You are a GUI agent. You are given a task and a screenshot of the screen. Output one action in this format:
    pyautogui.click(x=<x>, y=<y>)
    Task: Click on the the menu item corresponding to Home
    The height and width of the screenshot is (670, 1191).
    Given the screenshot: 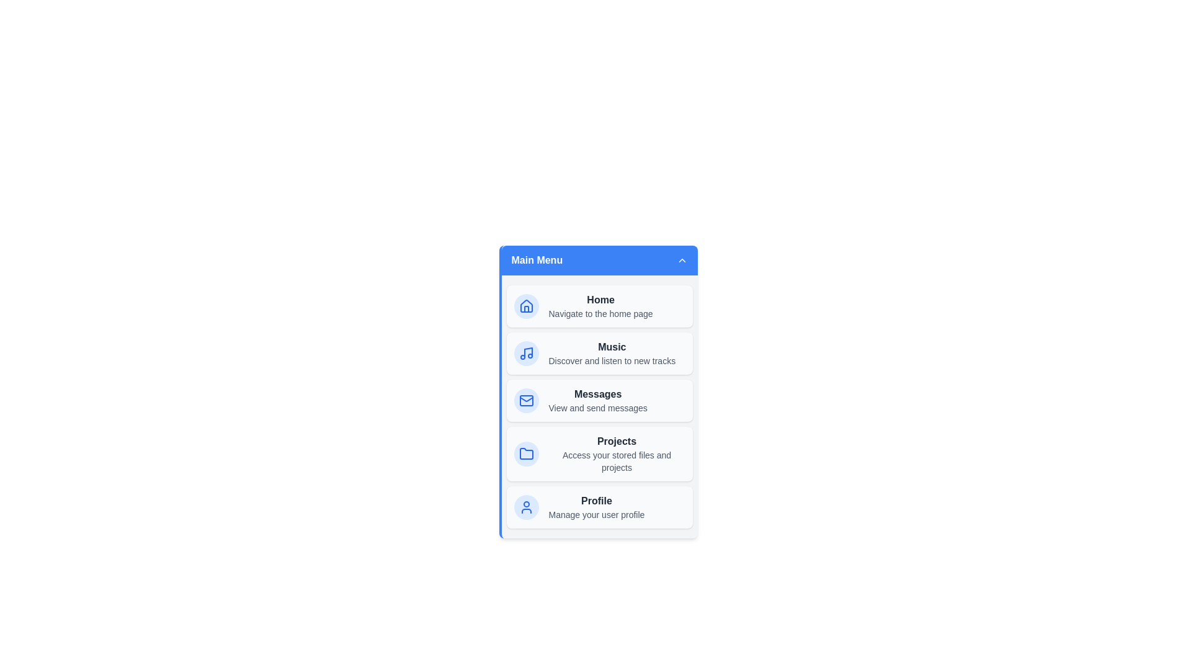 What is the action you would take?
    pyautogui.click(x=599, y=306)
    